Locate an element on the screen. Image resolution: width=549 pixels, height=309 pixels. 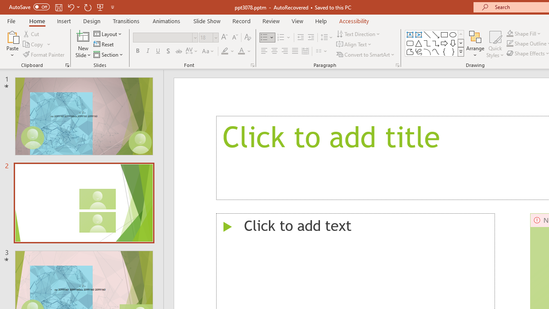
'Font Color Red' is located at coordinates (241, 51).